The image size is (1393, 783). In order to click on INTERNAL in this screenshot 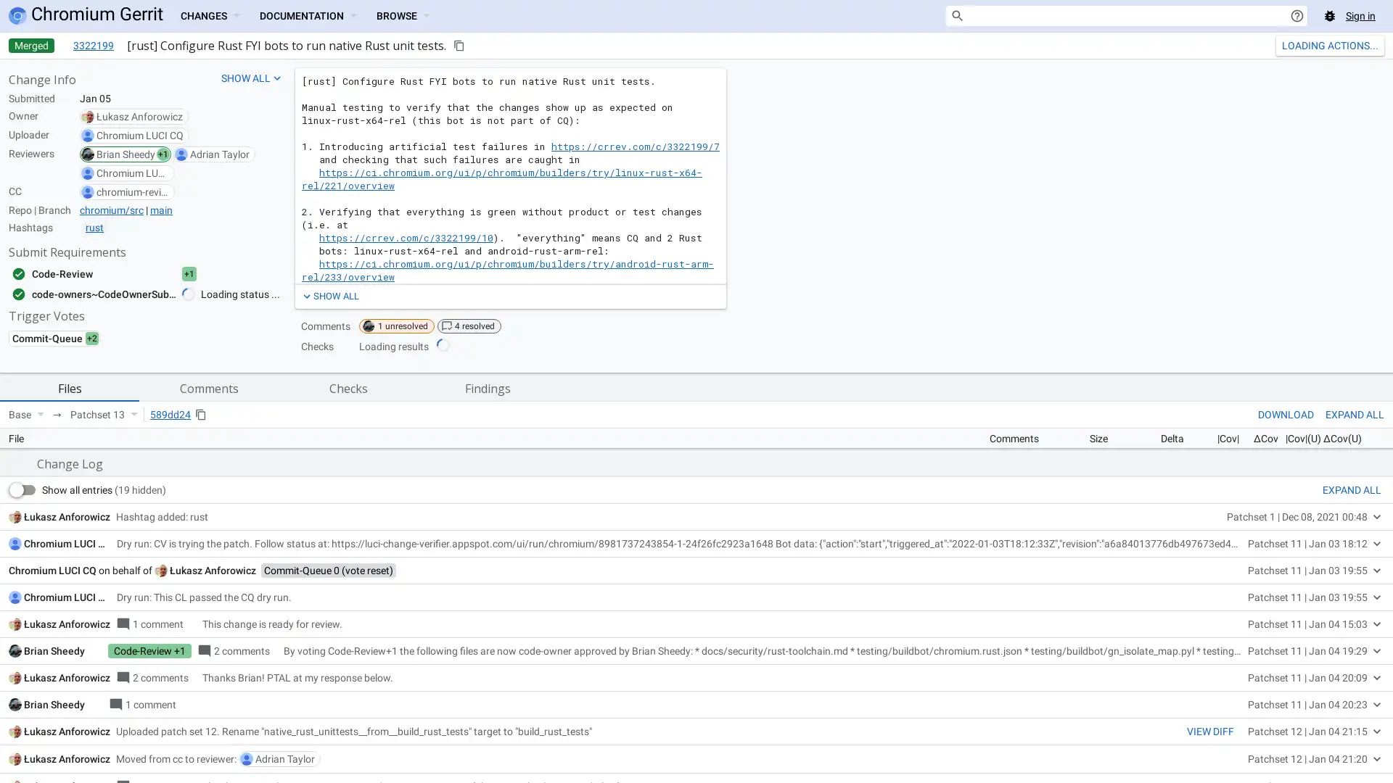, I will do `click(1259, 631)`.